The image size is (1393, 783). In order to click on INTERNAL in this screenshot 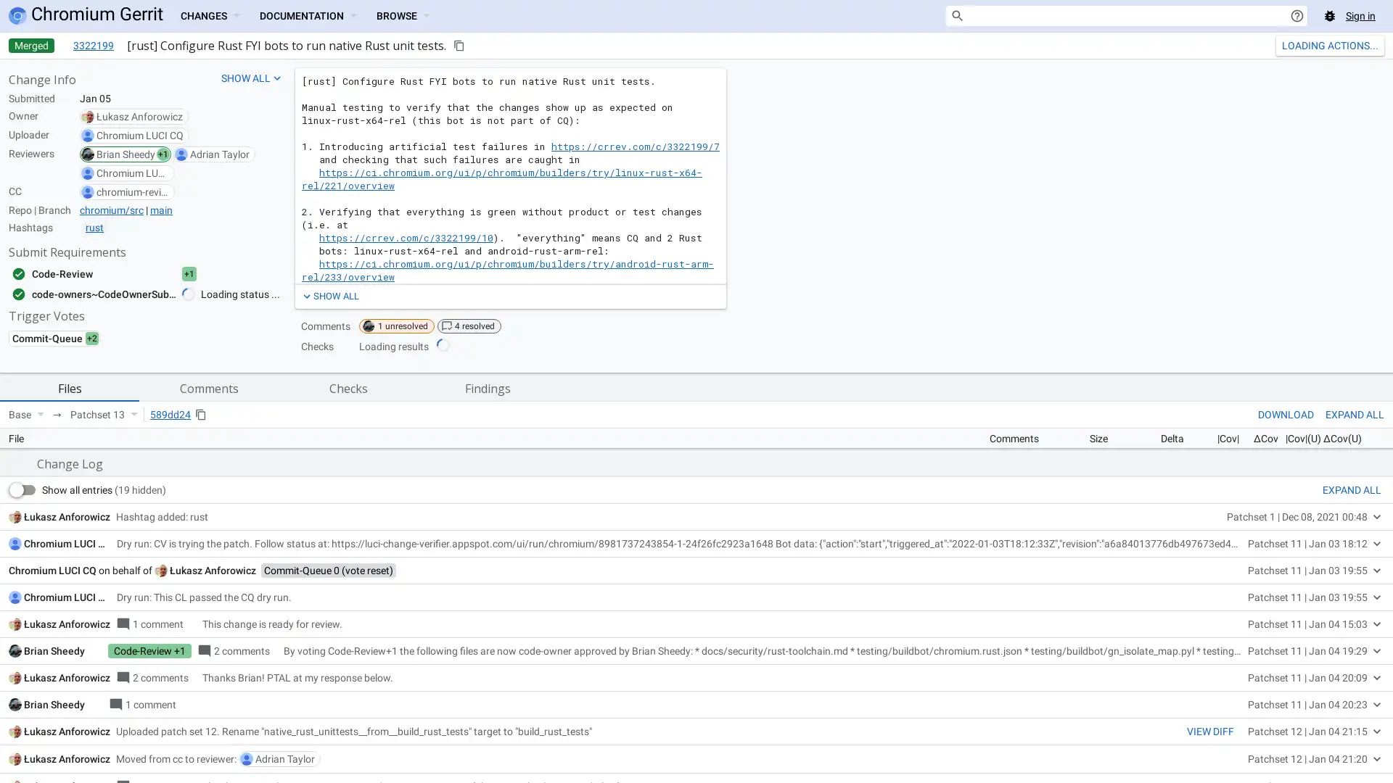, I will do `click(1259, 631)`.